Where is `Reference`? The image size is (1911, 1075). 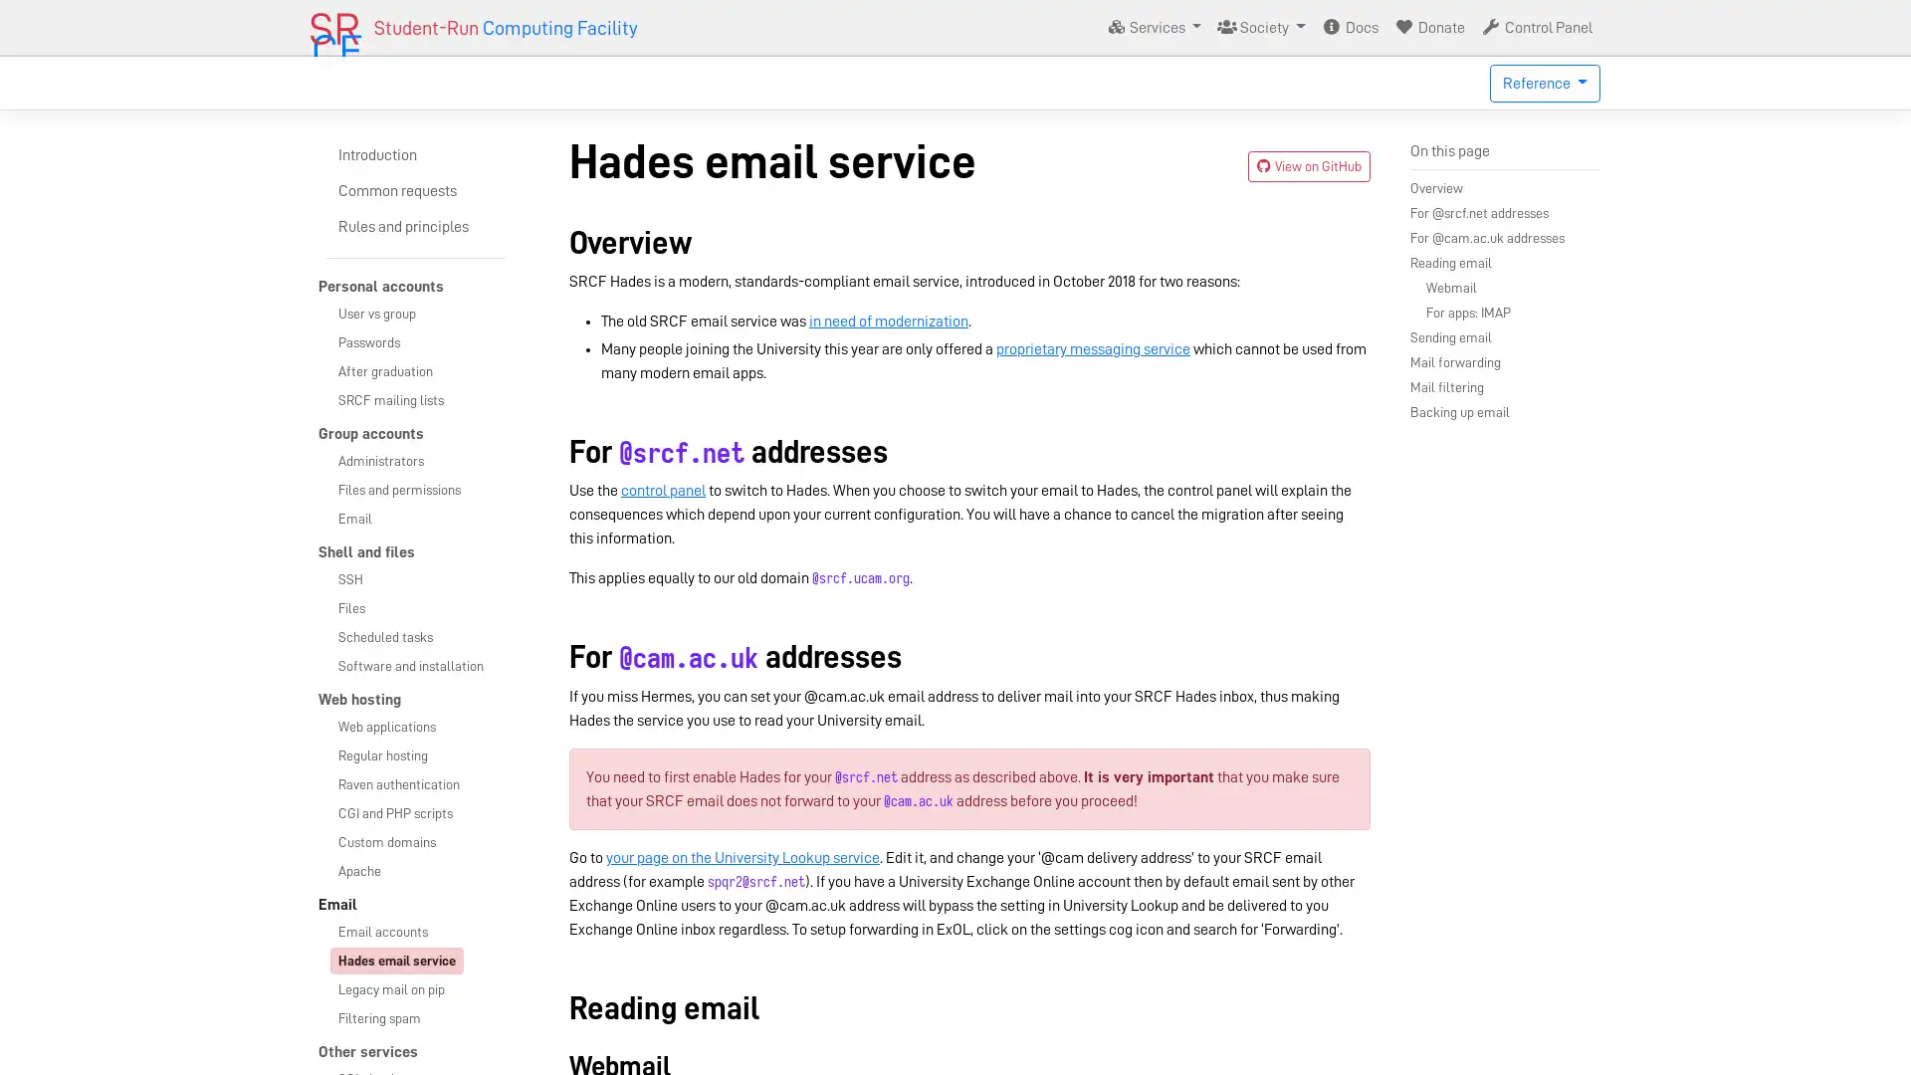 Reference is located at coordinates (1544, 83).